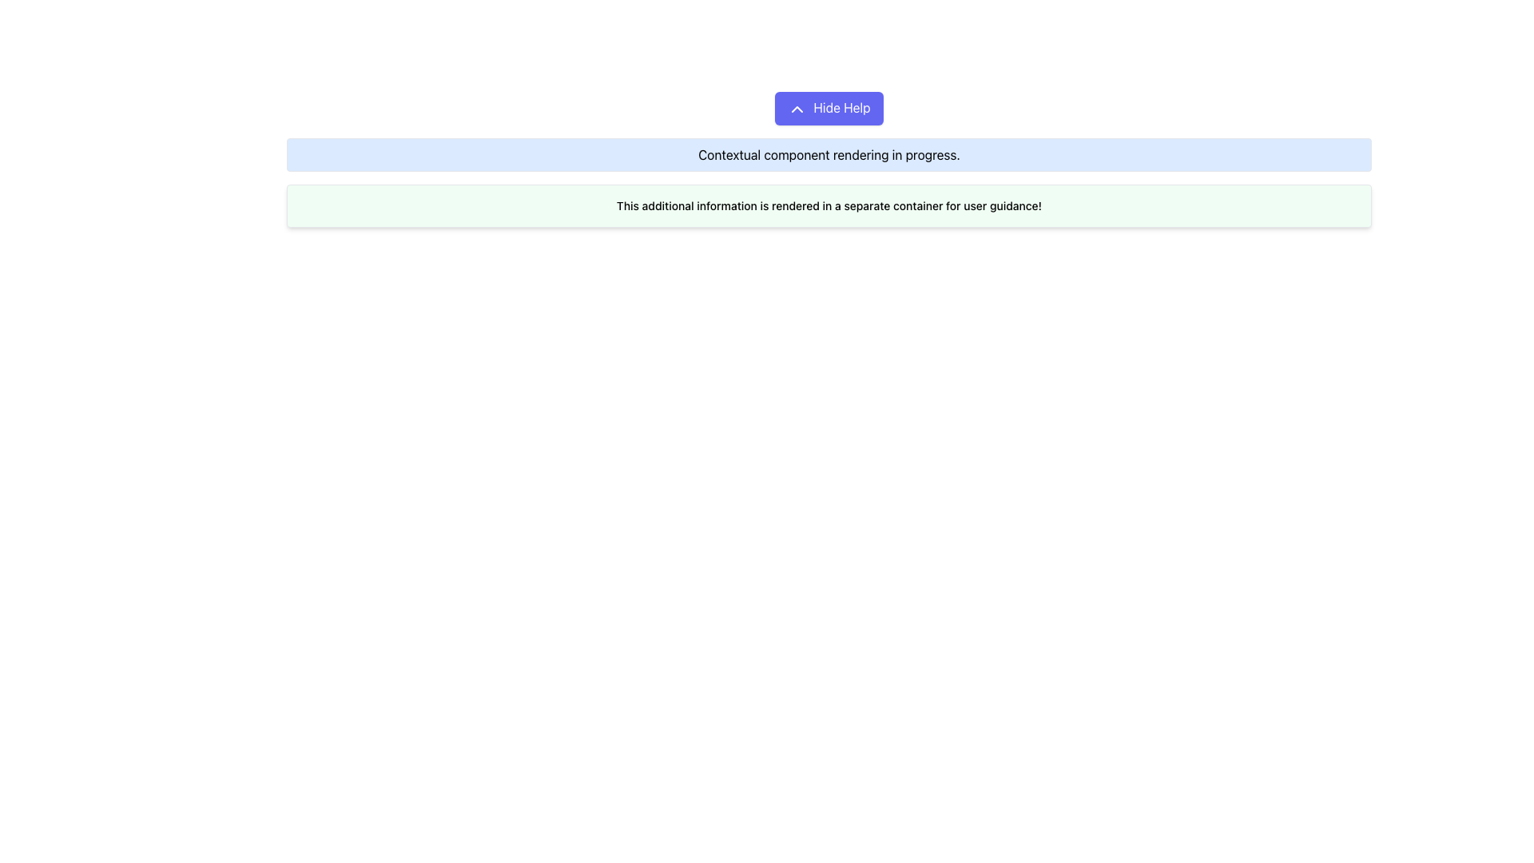  Describe the element at coordinates (797, 108) in the screenshot. I see `the SVG icon located inside the blue button labeled 'Hide Help', which signifies the function of collapsing or hiding the help section` at that location.